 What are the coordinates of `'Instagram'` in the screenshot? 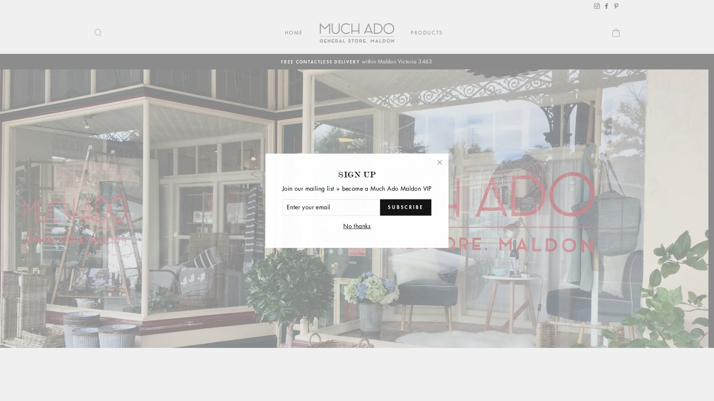 It's located at (594, 6).